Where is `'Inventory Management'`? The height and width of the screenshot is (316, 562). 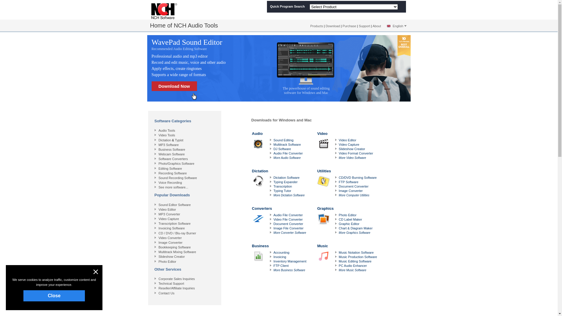
'Inventory Management' is located at coordinates (290, 261).